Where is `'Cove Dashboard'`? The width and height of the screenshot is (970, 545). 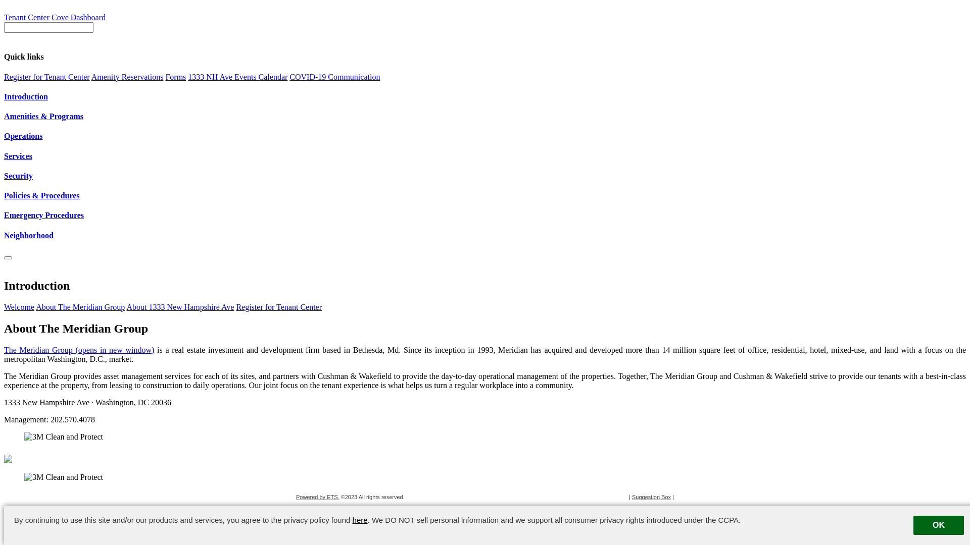
'Cove Dashboard' is located at coordinates (78, 17).